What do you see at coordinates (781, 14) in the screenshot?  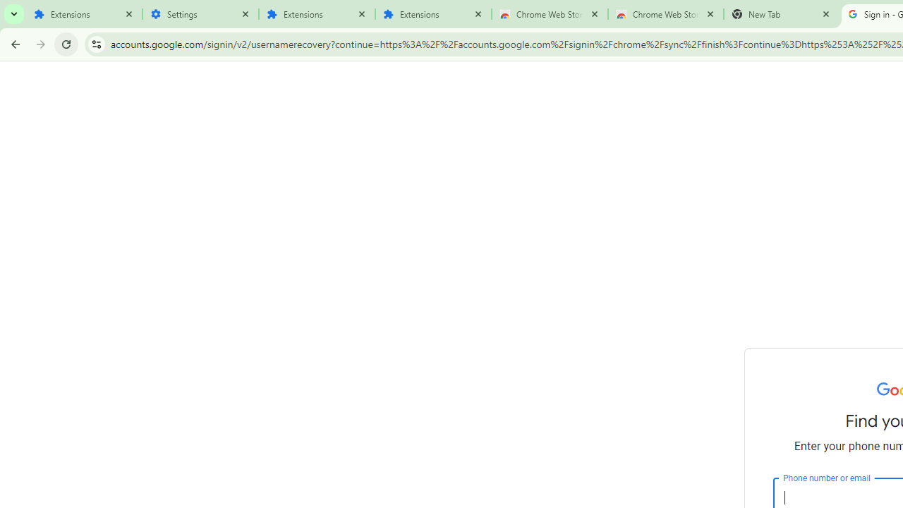 I see `'New Tab'` at bounding box center [781, 14].